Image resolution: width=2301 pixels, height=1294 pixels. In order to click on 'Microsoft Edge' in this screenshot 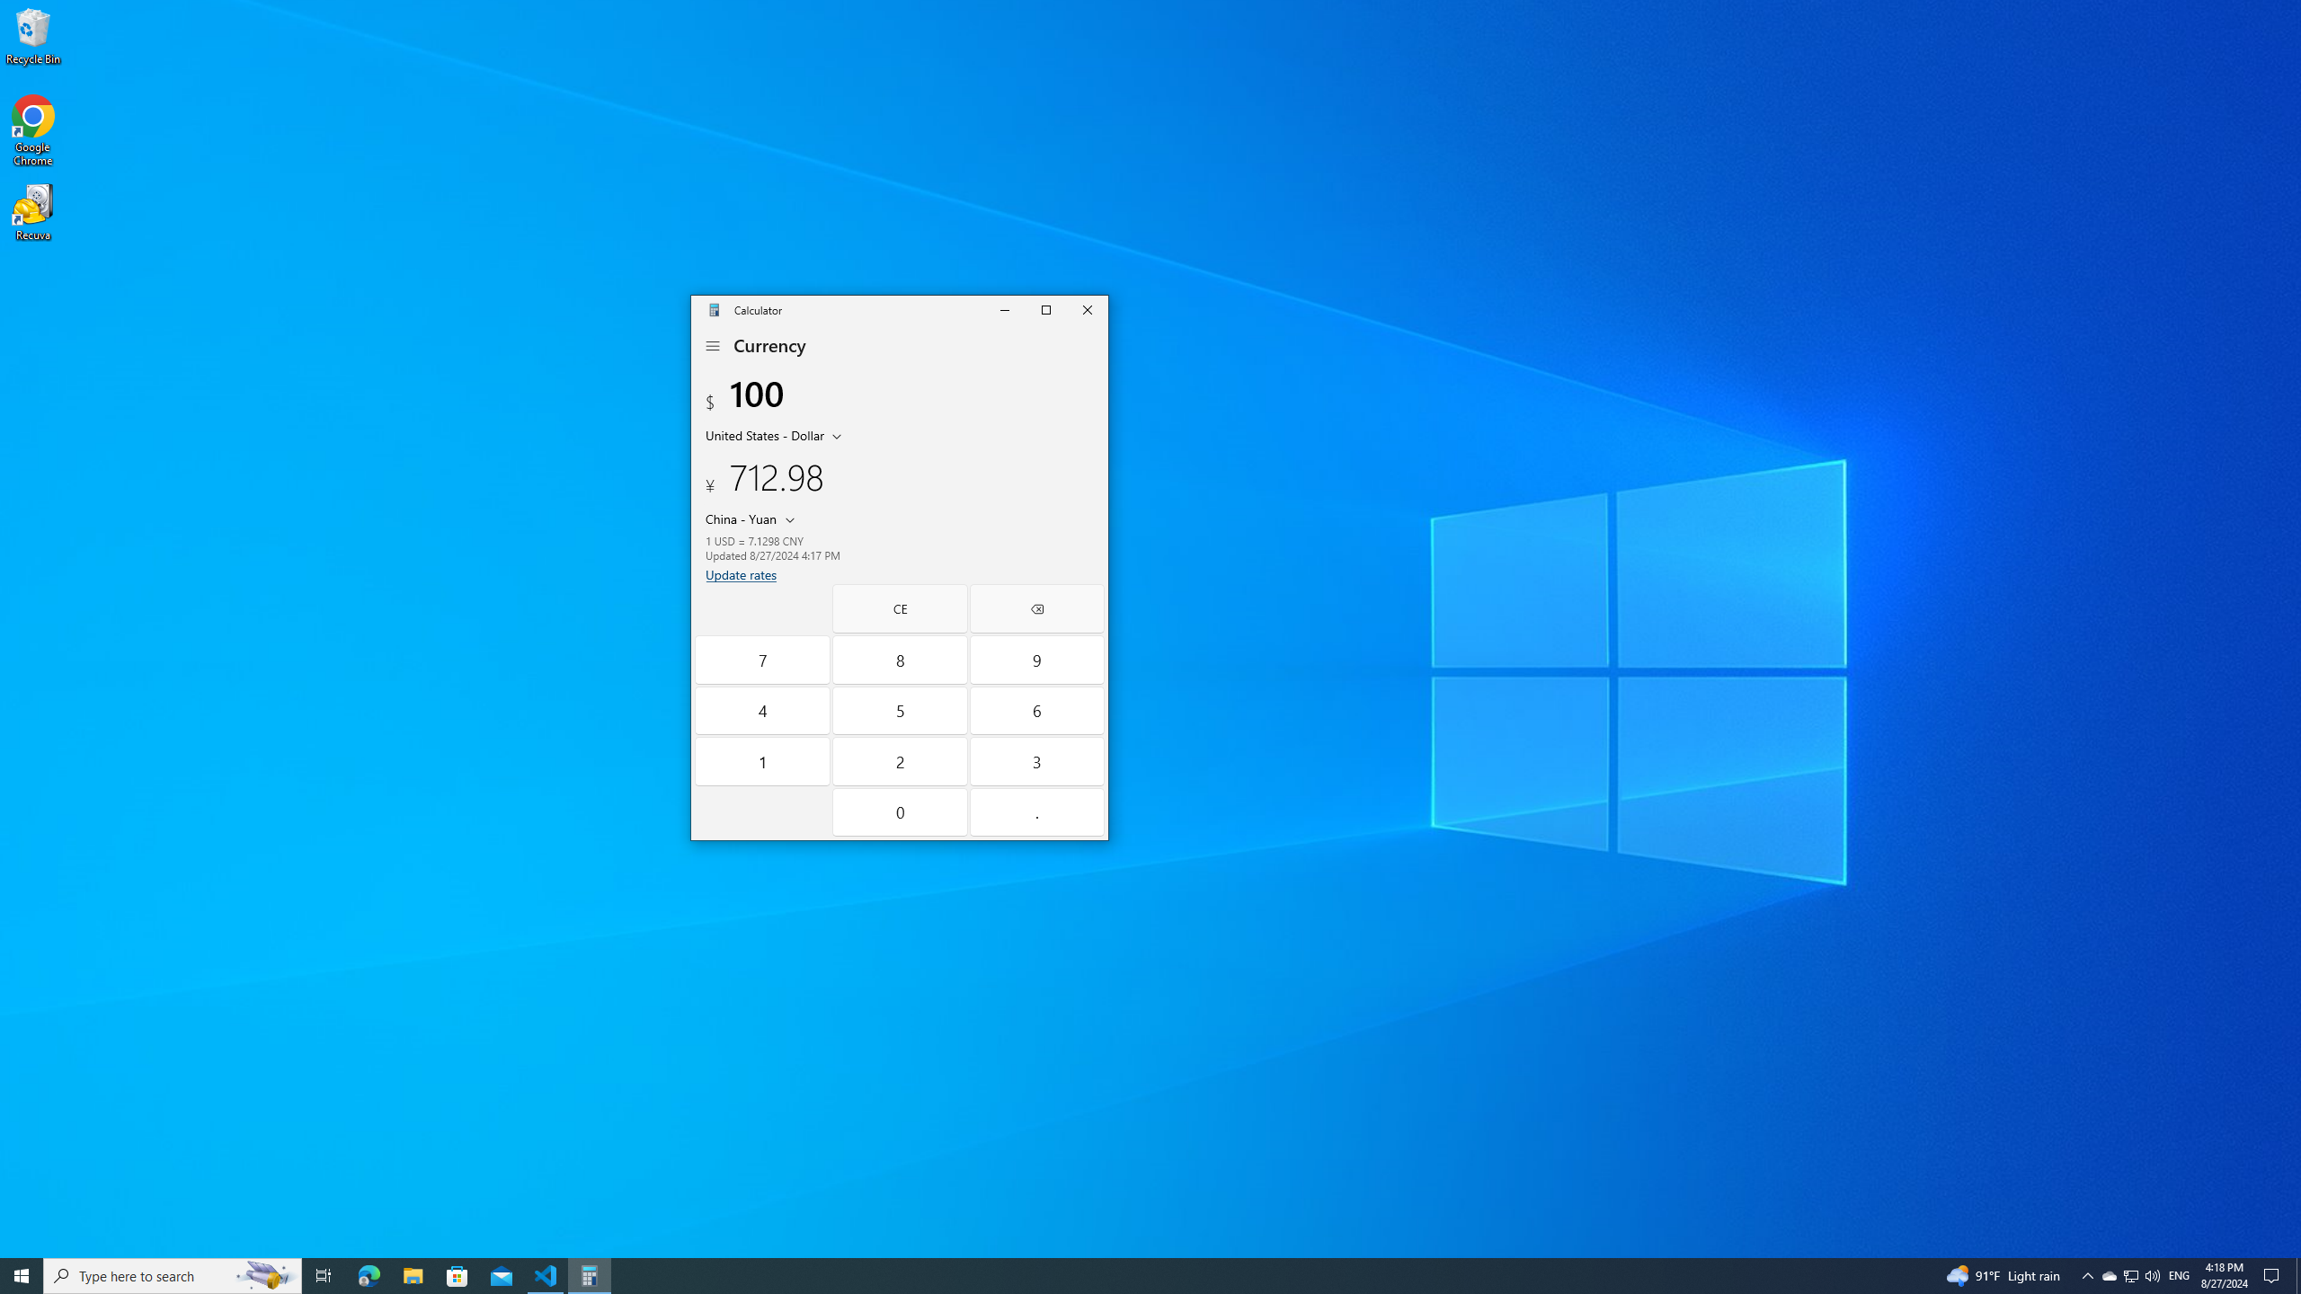, I will do `click(368, 1274)`.